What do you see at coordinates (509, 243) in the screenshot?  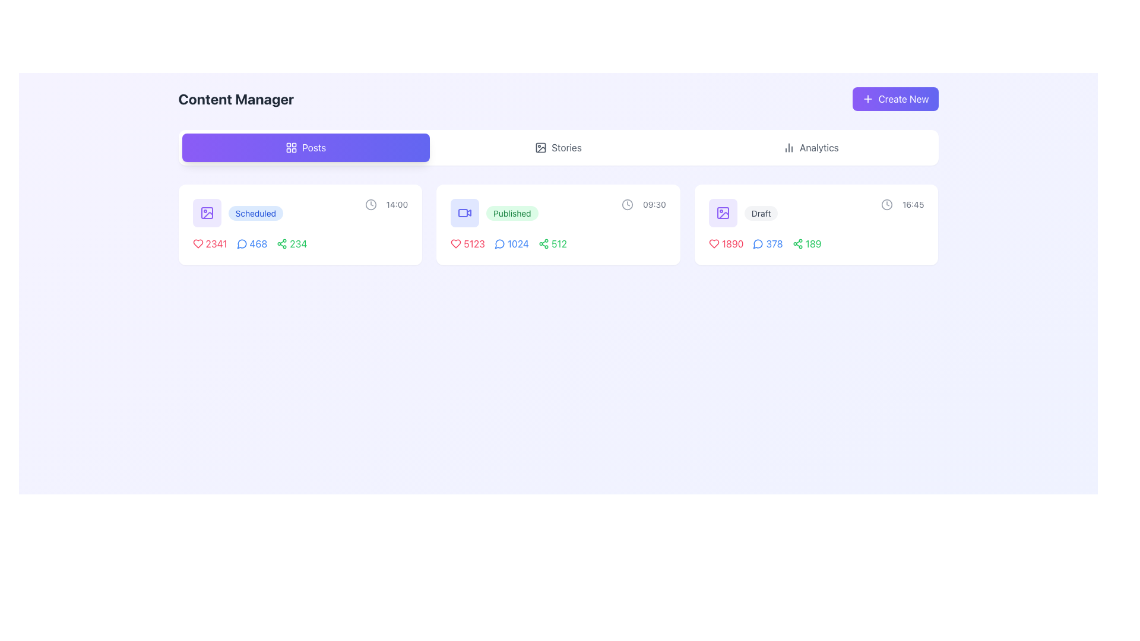 I see `the numerical text '1024' in blue, which is accompanied by a speech bubble icon` at bounding box center [509, 243].